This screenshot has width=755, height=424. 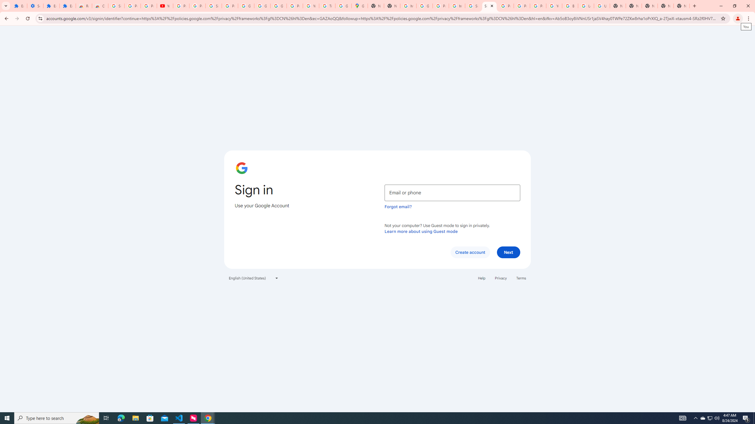 What do you see at coordinates (51, 6) in the screenshot?
I see `'Extensions'` at bounding box center [51, 6].